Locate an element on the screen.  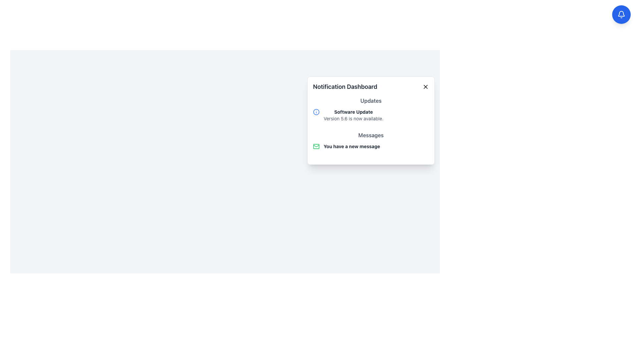
the notification update card displaying 'Software Update' with the version information within the 'Updates' panel is located at coordinates (370, 115).